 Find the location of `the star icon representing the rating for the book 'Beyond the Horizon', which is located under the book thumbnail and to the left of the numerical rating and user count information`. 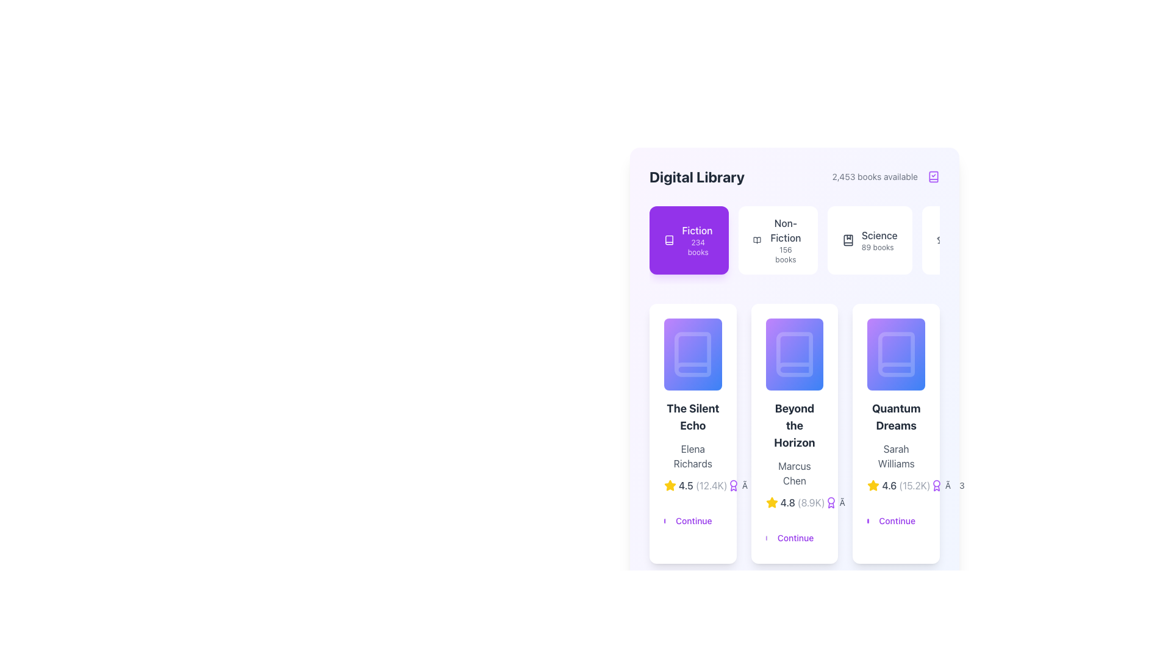

the star icon representing the rating for the book 'Beyond the Horizon', which is located under the book thumbnail and to the left of the numerical rating and user count information is located at coordinates (771, 502).